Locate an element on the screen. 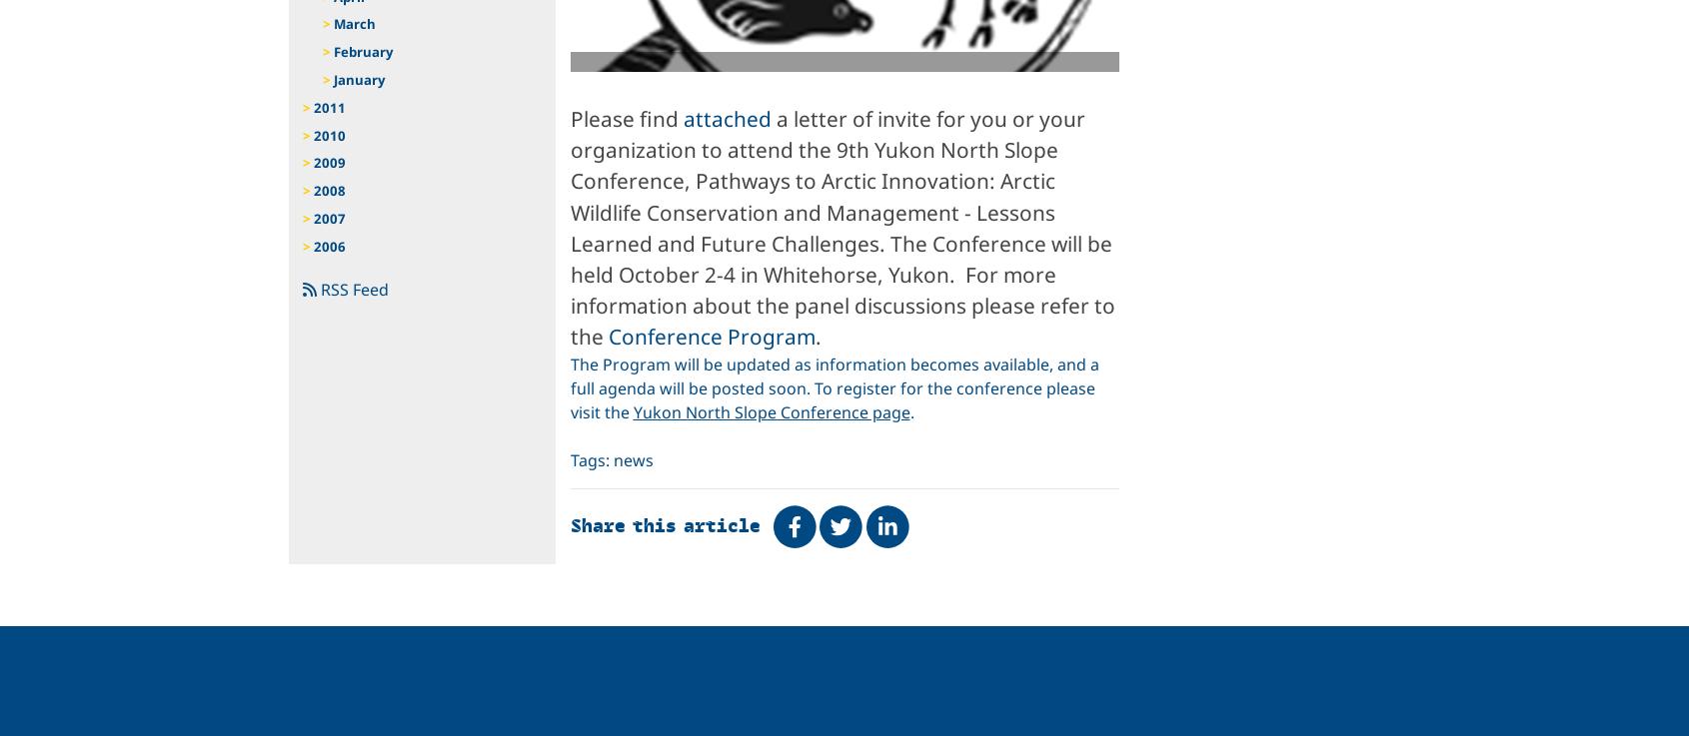 The image size is (1689, 736). '2008' is located at coordinates (330, 190).